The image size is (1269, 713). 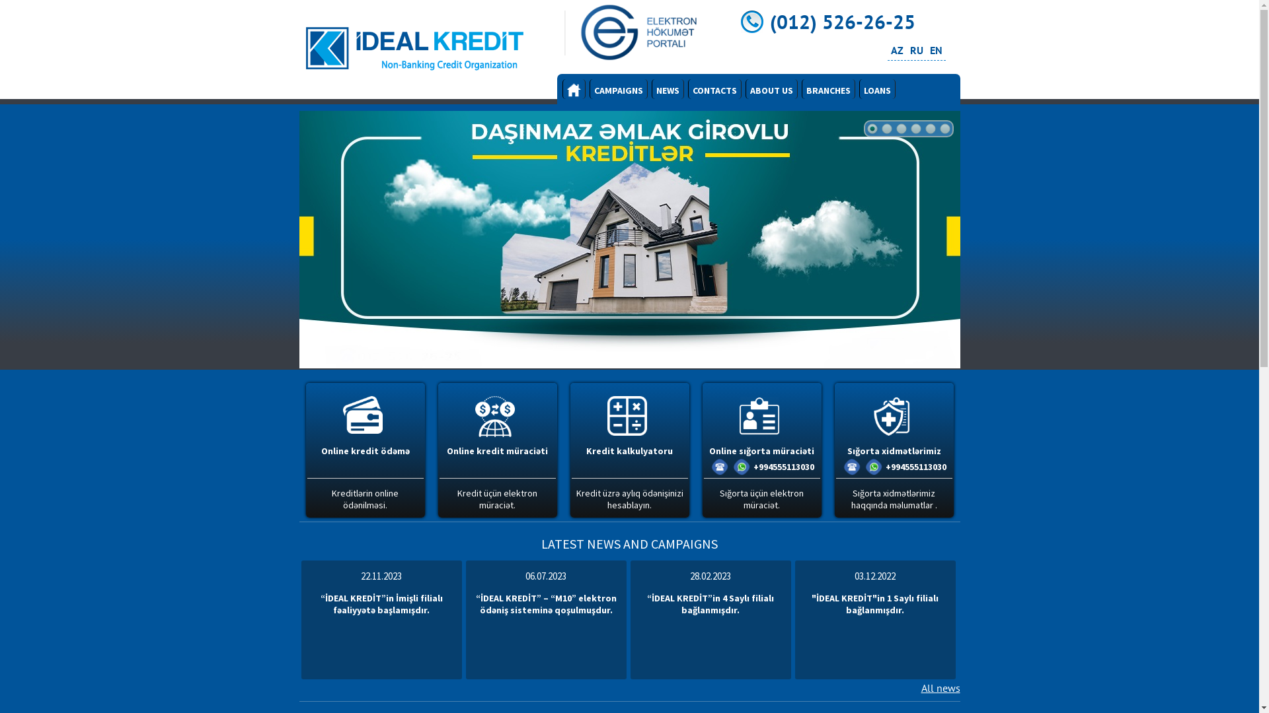 What do you see at coordinates (915, 50) in the screenshot?
I see `'RU'` at bounding box center [915, 50].